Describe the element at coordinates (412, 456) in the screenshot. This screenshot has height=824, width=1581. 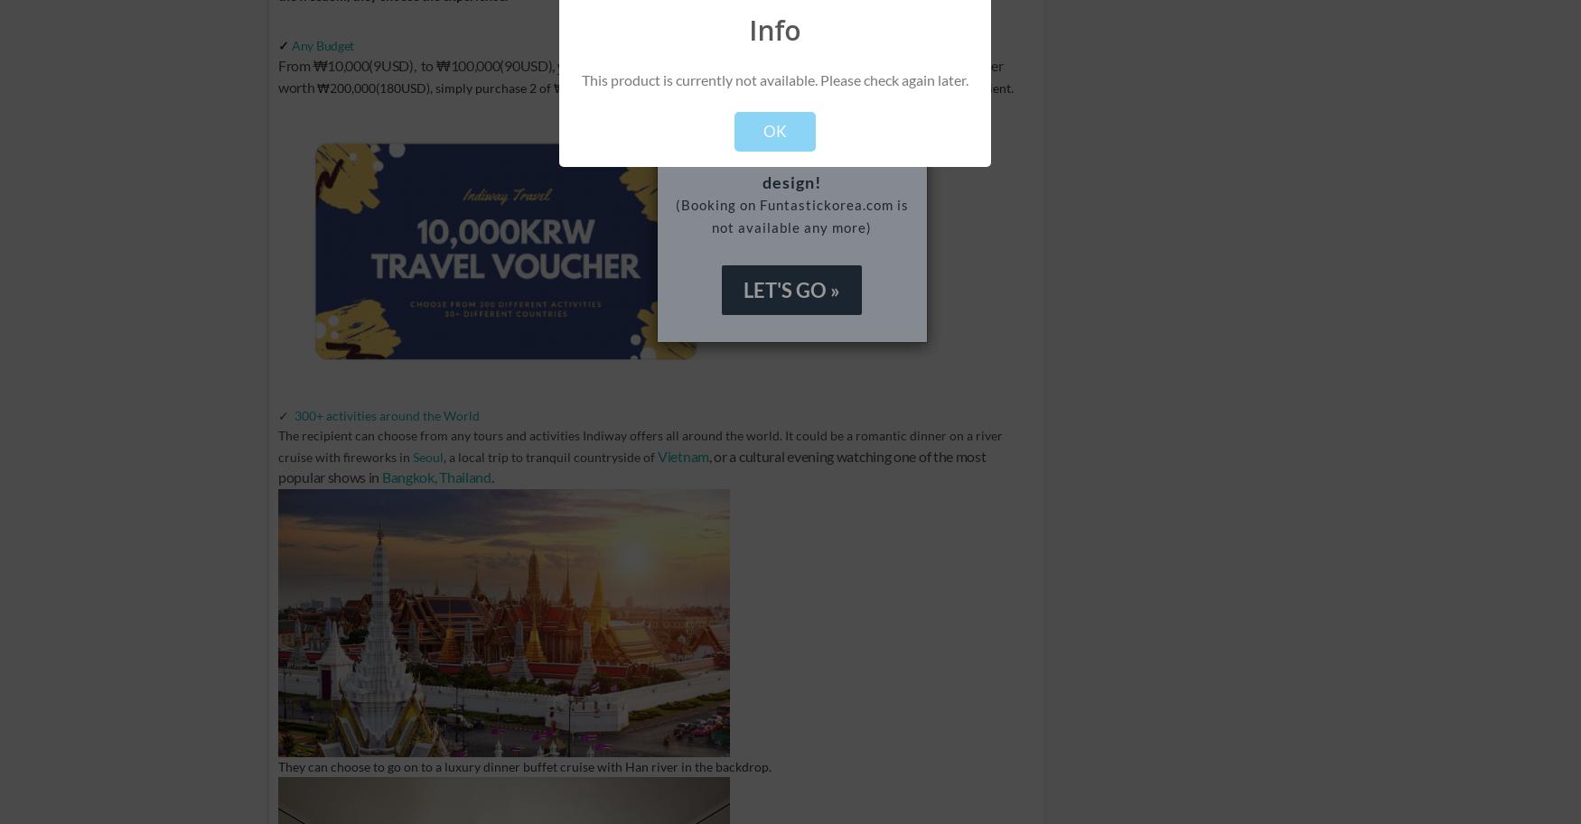
I see `'Seoul'` at that location.